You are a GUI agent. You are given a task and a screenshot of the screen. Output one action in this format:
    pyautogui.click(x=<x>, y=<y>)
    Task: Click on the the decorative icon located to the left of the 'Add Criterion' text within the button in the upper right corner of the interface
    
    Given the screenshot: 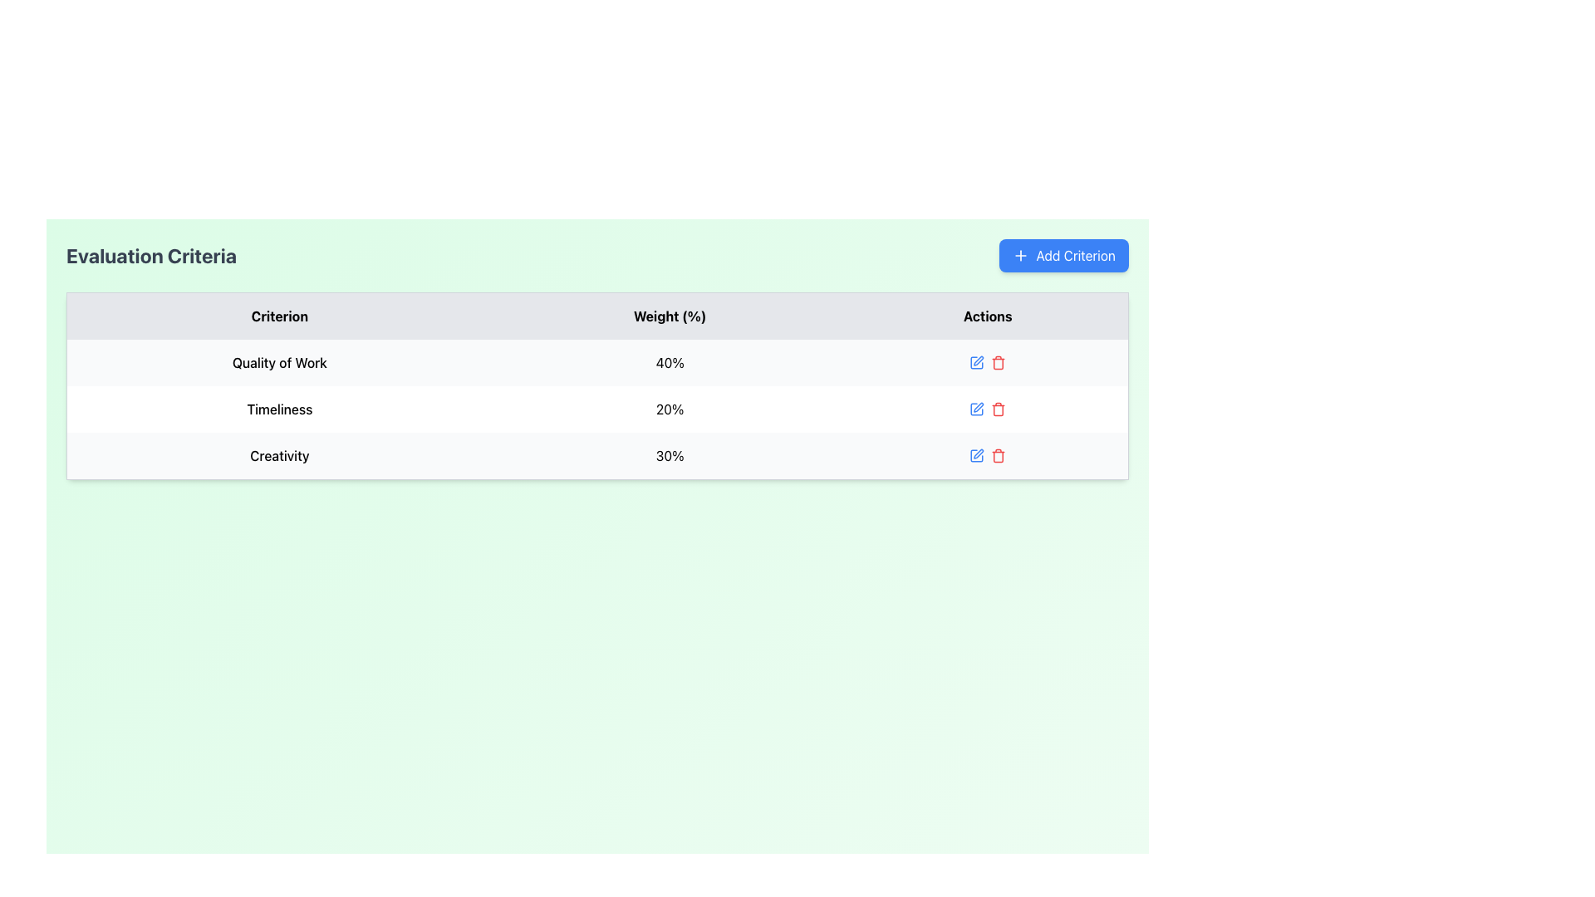 What is the action you would take?
    pyautogui.click(x=1020, y=256)
    